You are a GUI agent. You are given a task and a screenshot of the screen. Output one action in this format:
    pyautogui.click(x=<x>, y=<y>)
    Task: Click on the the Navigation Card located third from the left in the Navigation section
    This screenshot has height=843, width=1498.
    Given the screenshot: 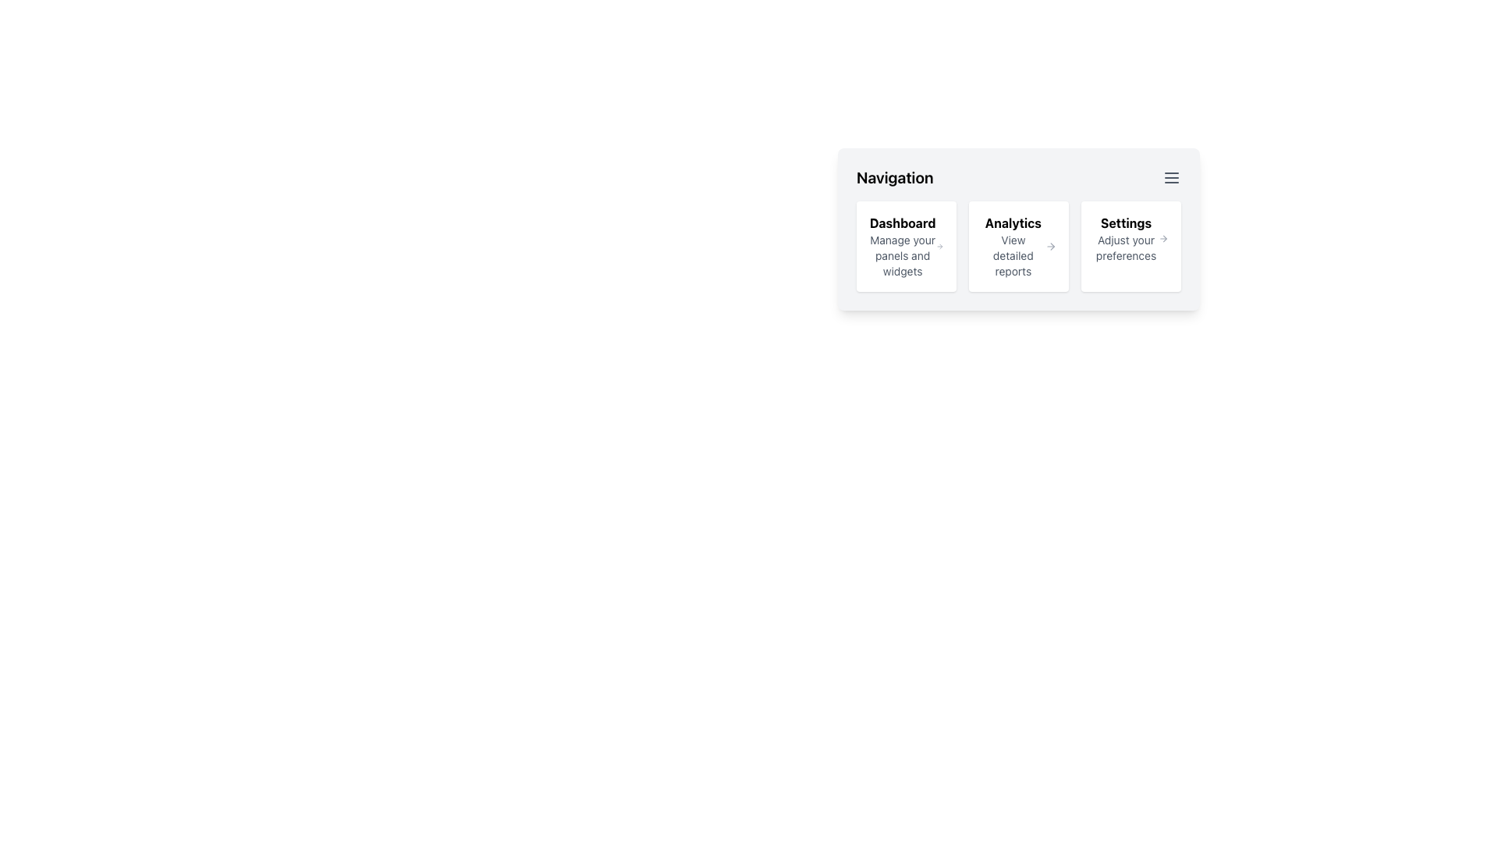 What is the action you would take?
    pyautogui.click(x=1126, y=238)
    